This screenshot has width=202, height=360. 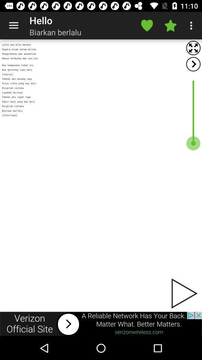 I want to click on play, so click(x=183, y=293).